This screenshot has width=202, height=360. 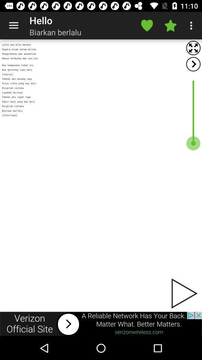 I want to click on play, so click(x=183, y=293).